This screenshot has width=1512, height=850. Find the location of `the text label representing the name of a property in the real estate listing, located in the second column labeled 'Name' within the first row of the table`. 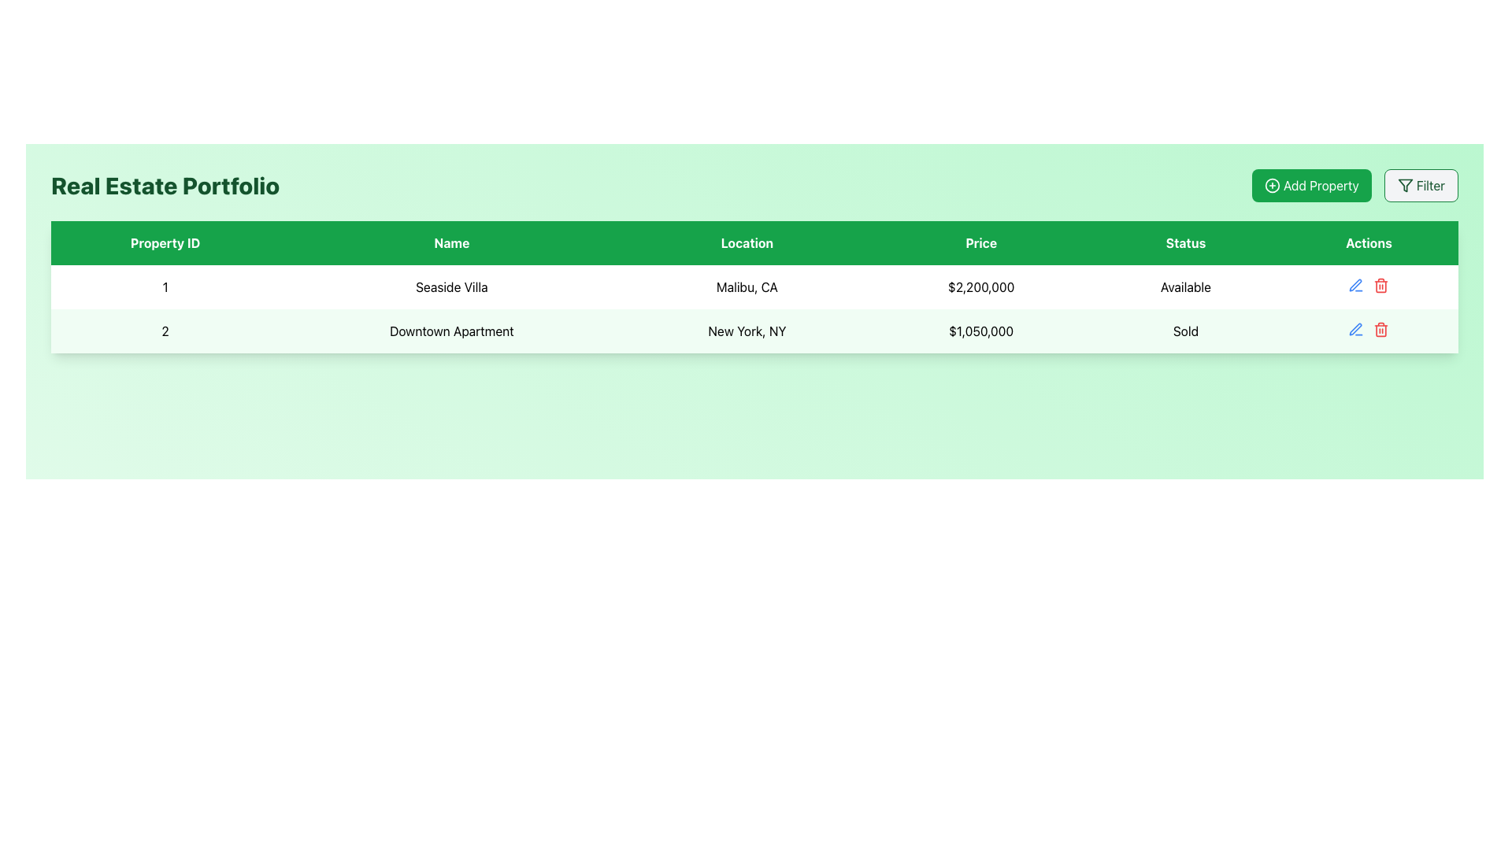

the text label representing the name of a property in the real estate listing, located in the second column labeled 'Name' within the first row of the table is located at coordinates (450, 287).